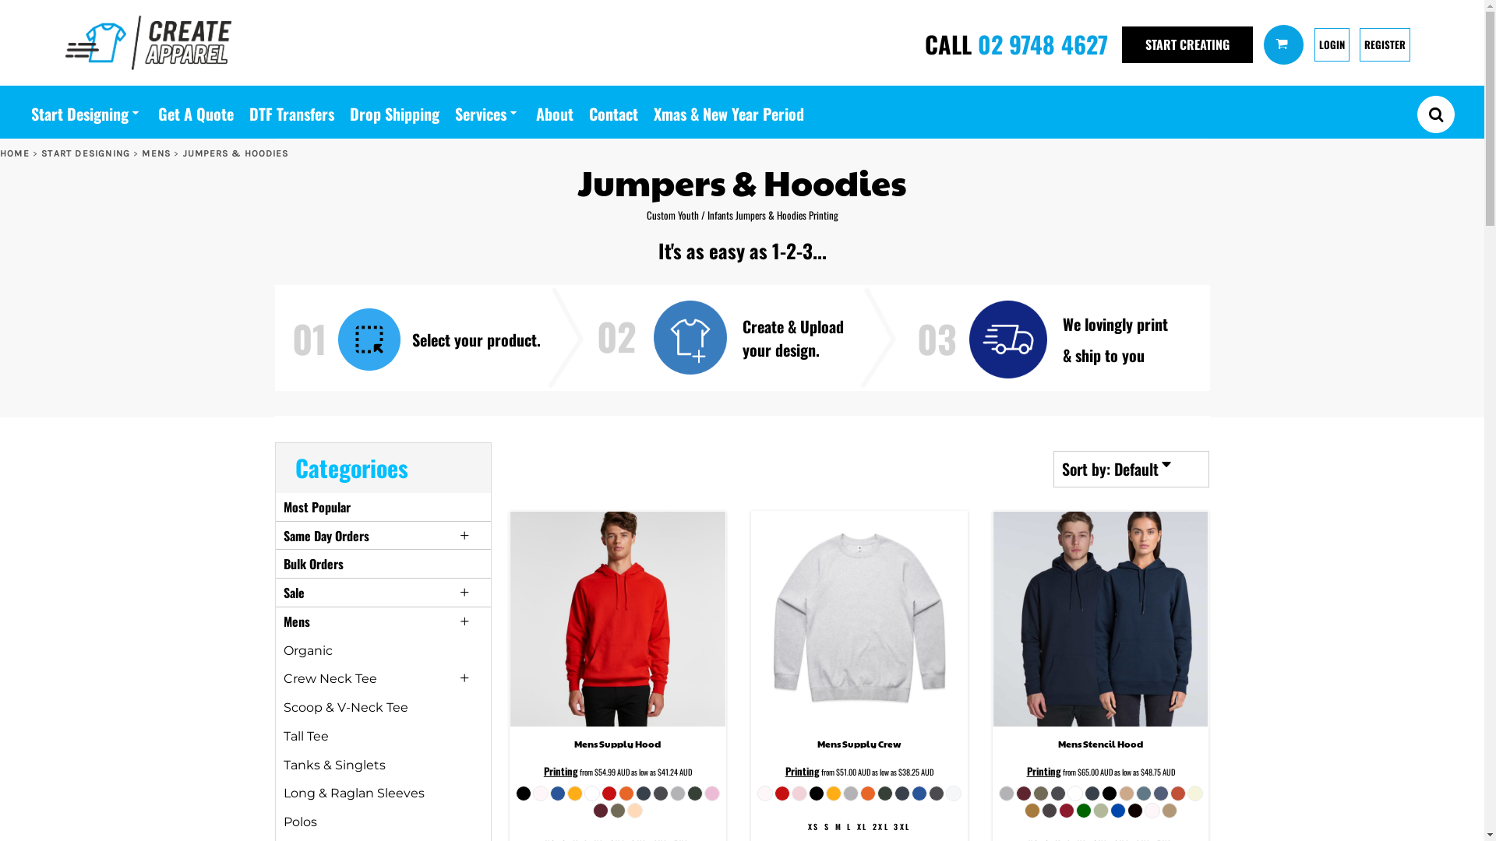  Describe the element at coordinates (291, 111) in the screenshot. I see `'DTF Transfers'` at that location.